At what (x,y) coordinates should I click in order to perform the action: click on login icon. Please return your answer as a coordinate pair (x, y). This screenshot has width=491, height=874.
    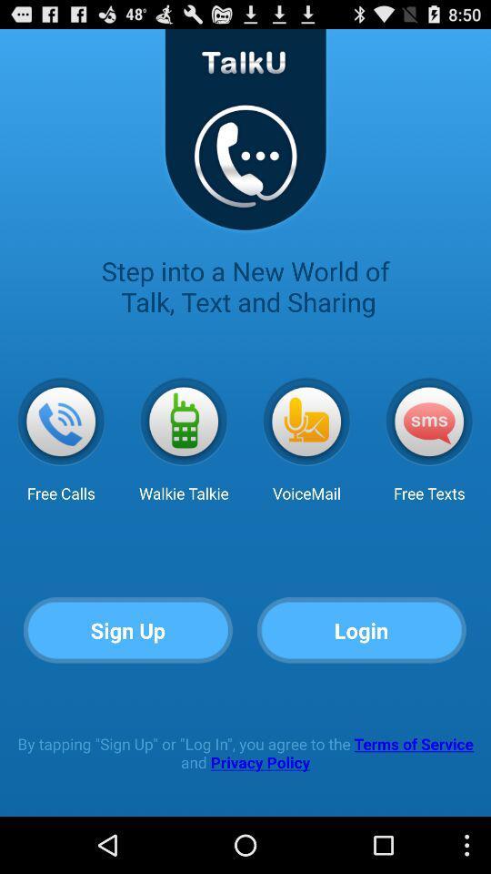
    Looking at the image, I should click on (362, 631).